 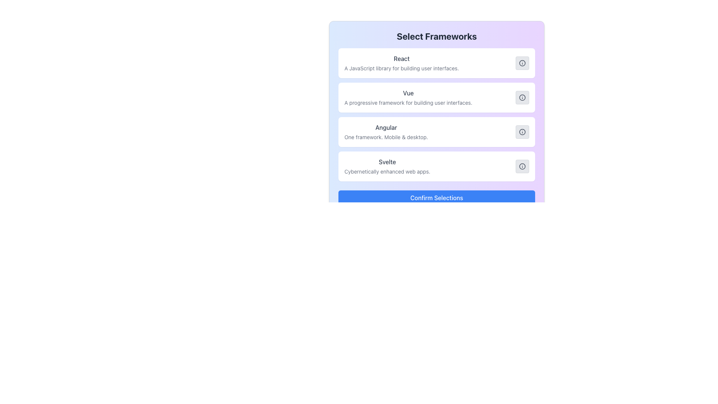 What do you see at coordinates (522, 132) in the screenshot?
I see `the icon button located at the far-right end of the row associated with the 'Angular' framework description in the 'Select Frameworks' interface` at bounding box center [522, 132].